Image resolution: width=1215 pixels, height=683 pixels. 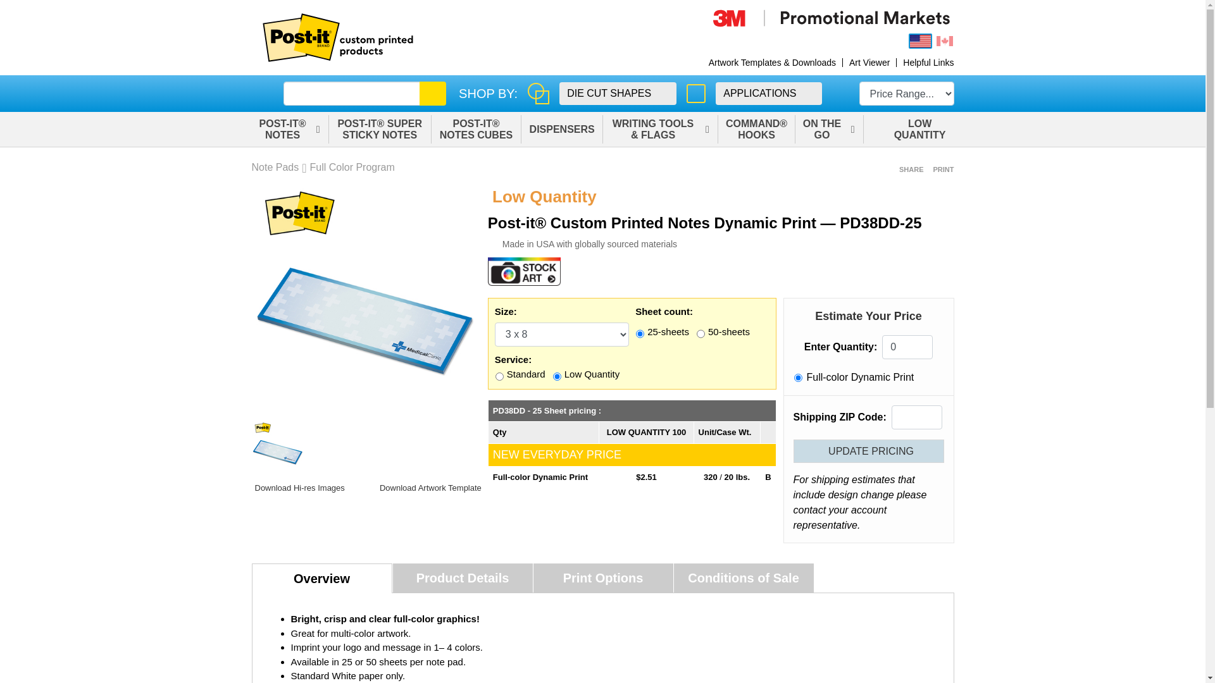 What do you see at coordinates (743, 578) in the screenshot?
I see `'Conditions of Sale'` at bounding box center [743, 578].